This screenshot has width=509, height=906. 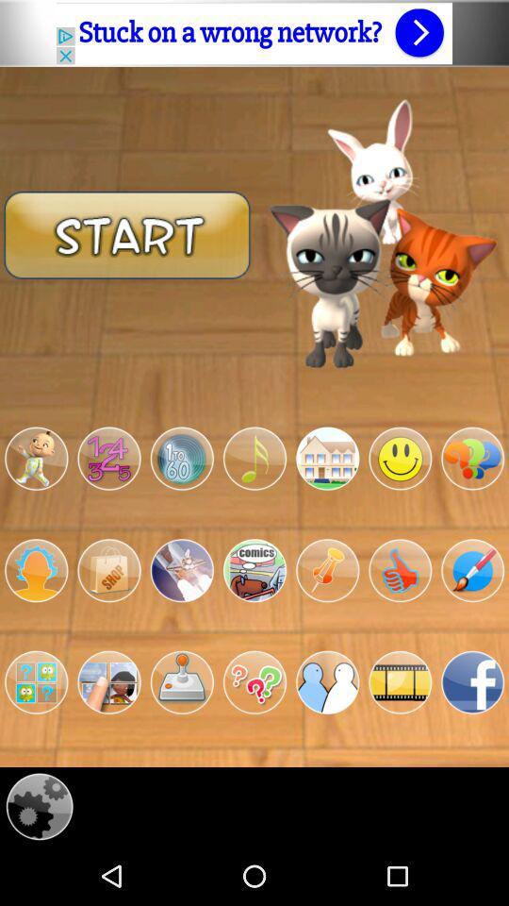 What do you see at coordinates (471, 681) in the screenshot?
I see `connect facebook` at bounding box center [471, 681].